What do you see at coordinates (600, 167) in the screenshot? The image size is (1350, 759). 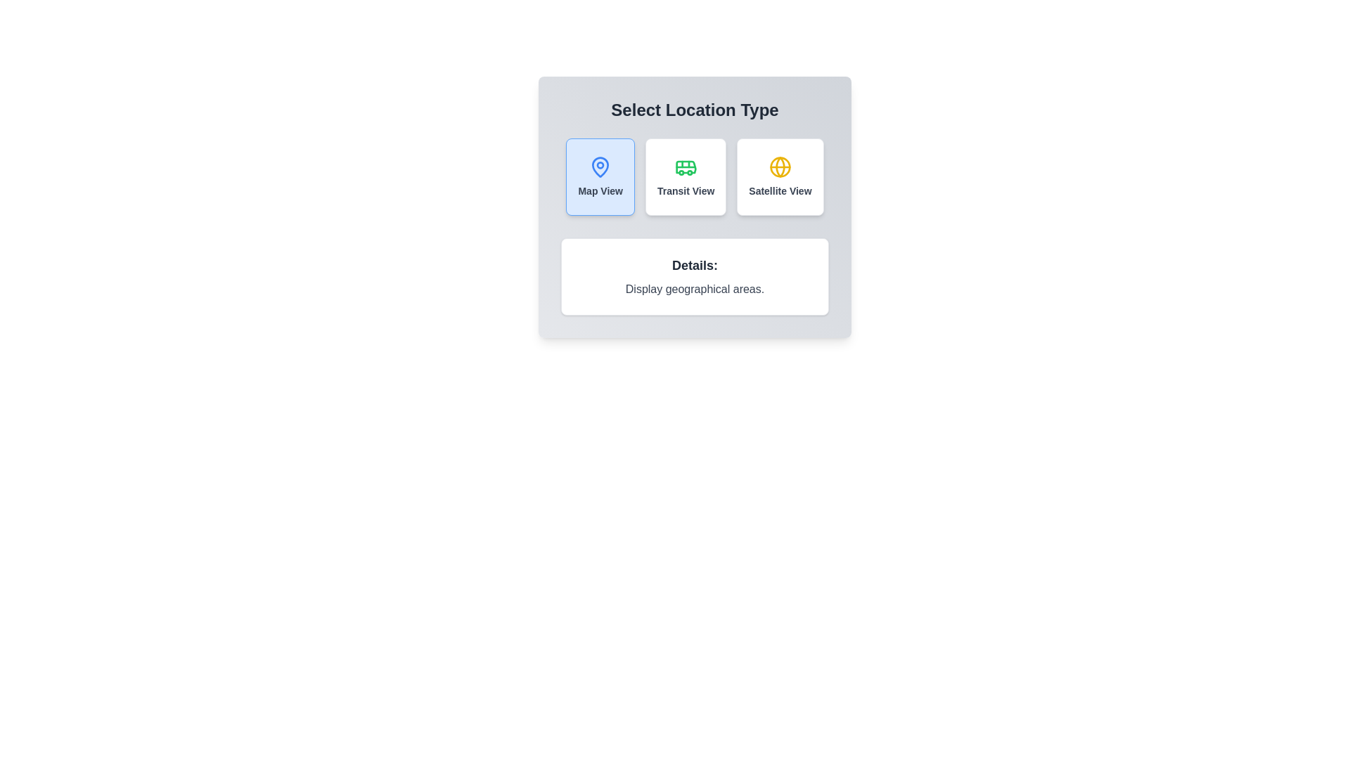 I see `the pin icon located at the top center of the 'Map View' region, which signifies map-related functionality` at bounding box center [600, 167].